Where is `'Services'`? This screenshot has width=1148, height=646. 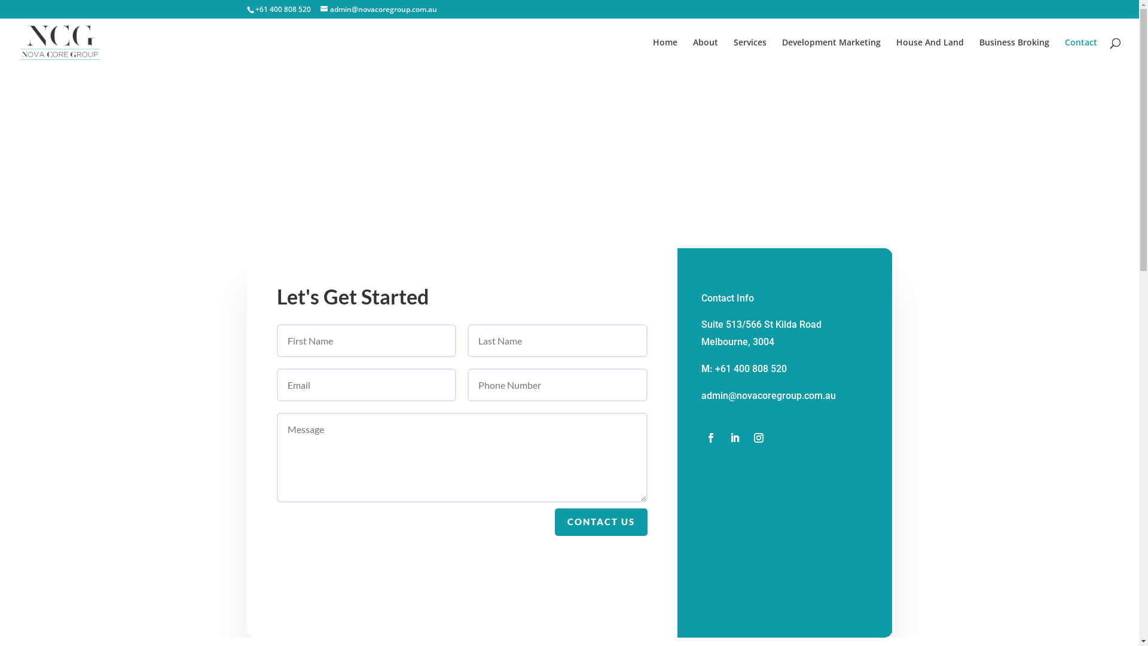 'Services' is located at coordinates (749, 51).